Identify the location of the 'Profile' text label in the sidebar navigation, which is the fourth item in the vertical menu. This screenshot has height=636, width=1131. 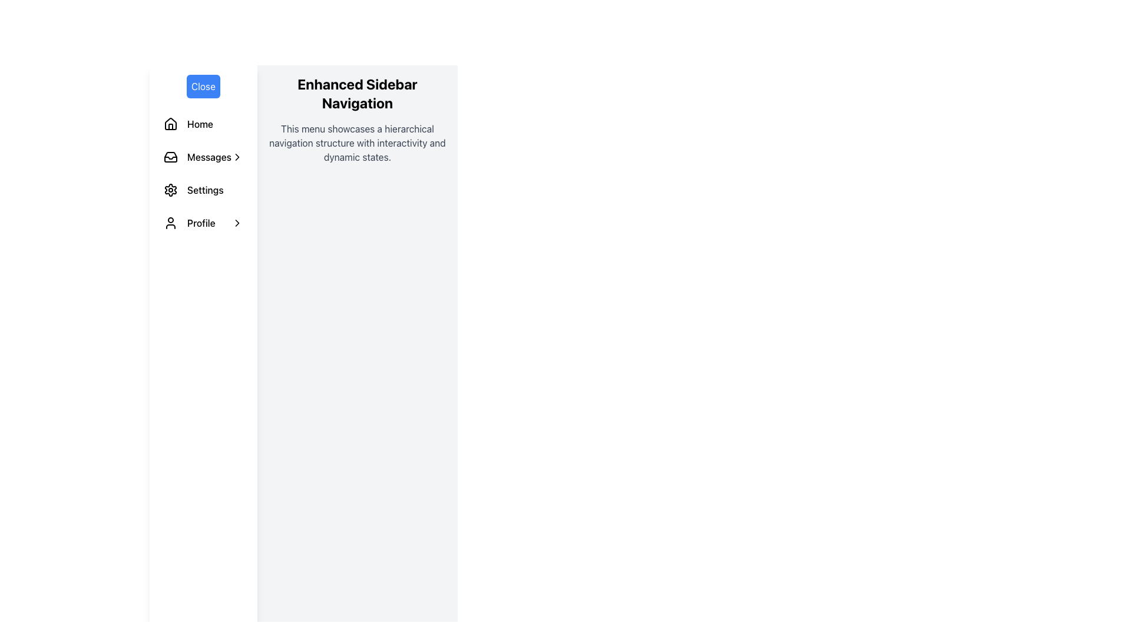
(209, 223).